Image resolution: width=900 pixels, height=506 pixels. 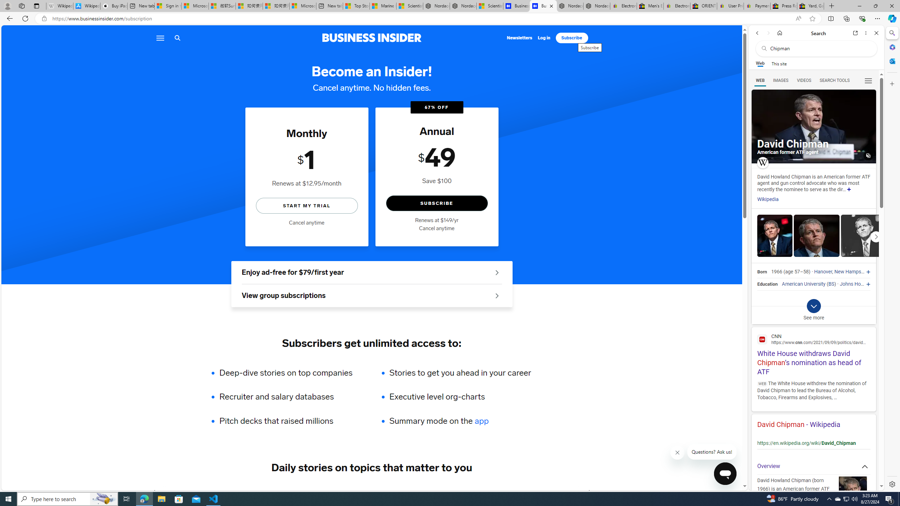 I want to click on 'BS', so click(x=831, y=284).